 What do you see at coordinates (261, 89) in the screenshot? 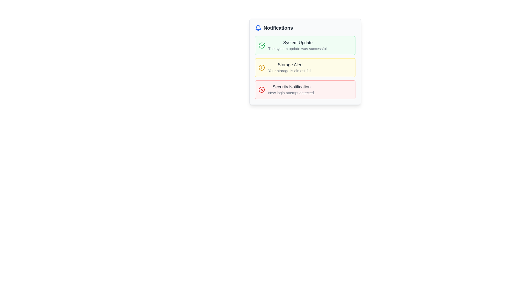
I see `the circular red icon with a white cross inside, located in the top-left corner of the 'Security Notification' block` at bounding box center [261, 89].